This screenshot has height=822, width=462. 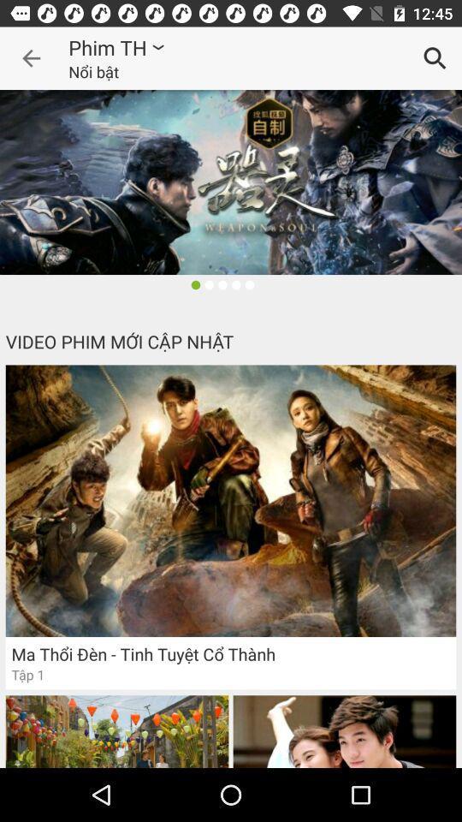 I want to click on the item next to the phim th, so click(x=31, y=58).